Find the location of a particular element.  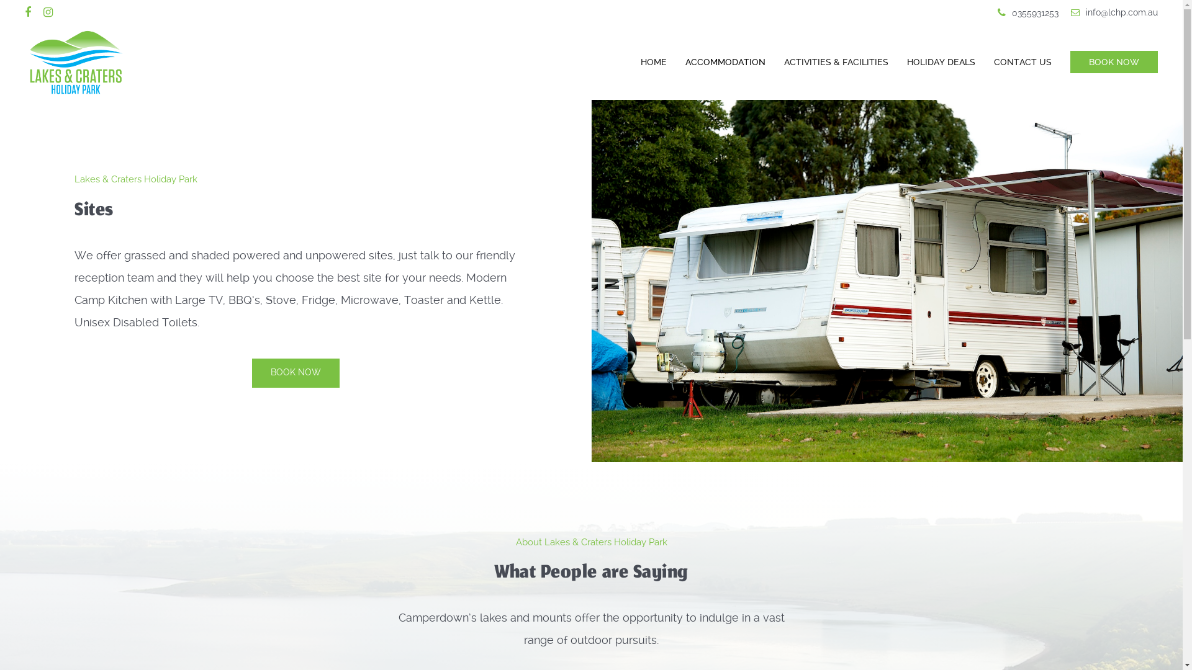

'ACTIVITIES & FACILITIES' is located at coordinates (836, 62).